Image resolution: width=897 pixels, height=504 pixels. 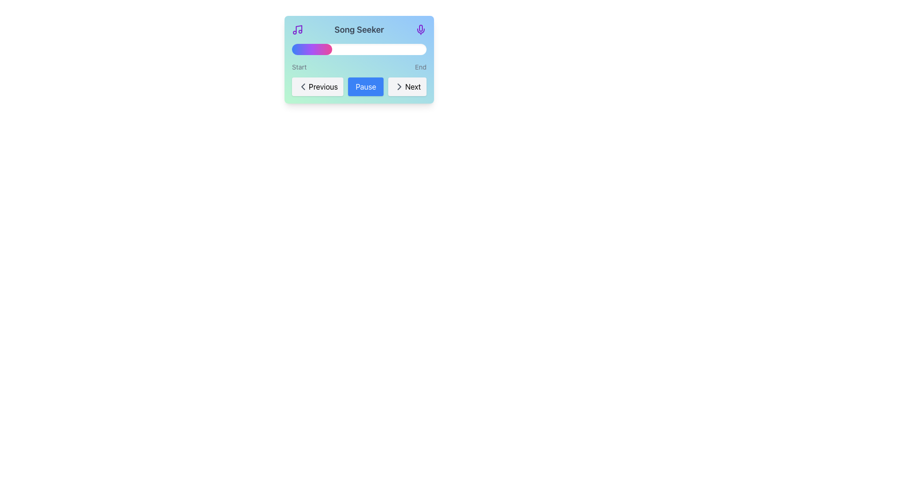 I want to click on the arrow icon that indicates the direction associated with the 'Previous' button, so click(x=303, y=86).